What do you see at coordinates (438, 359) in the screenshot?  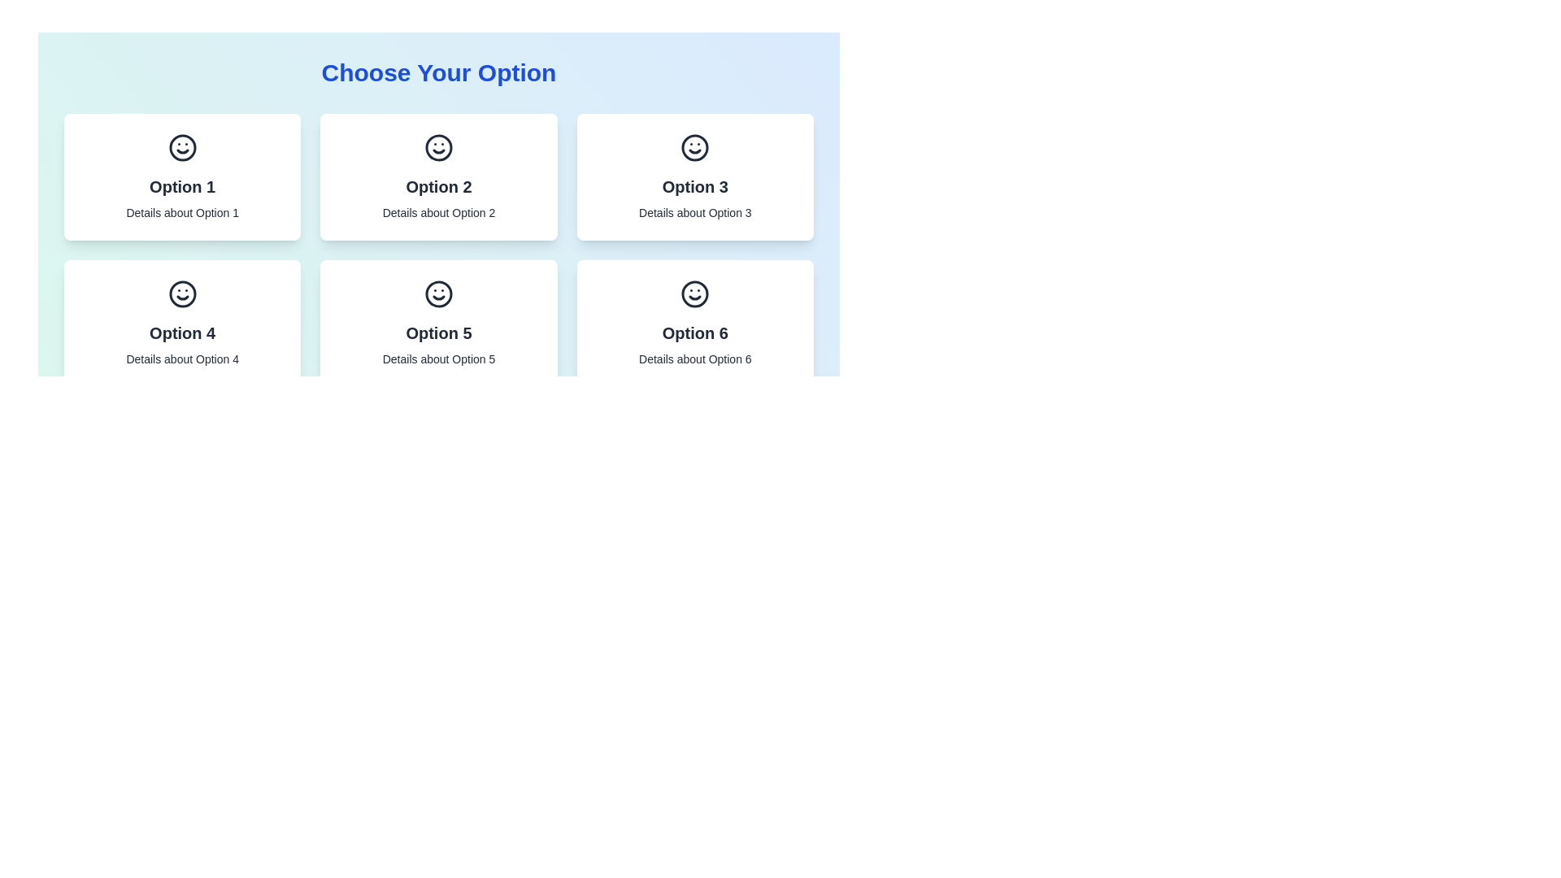 I see `the label providing details about 'Option 5', located in the lower section of the card labeled 'Option 5', which is the fifth card in the second row, center column of the grid layout` at bounding box center [438, 359].